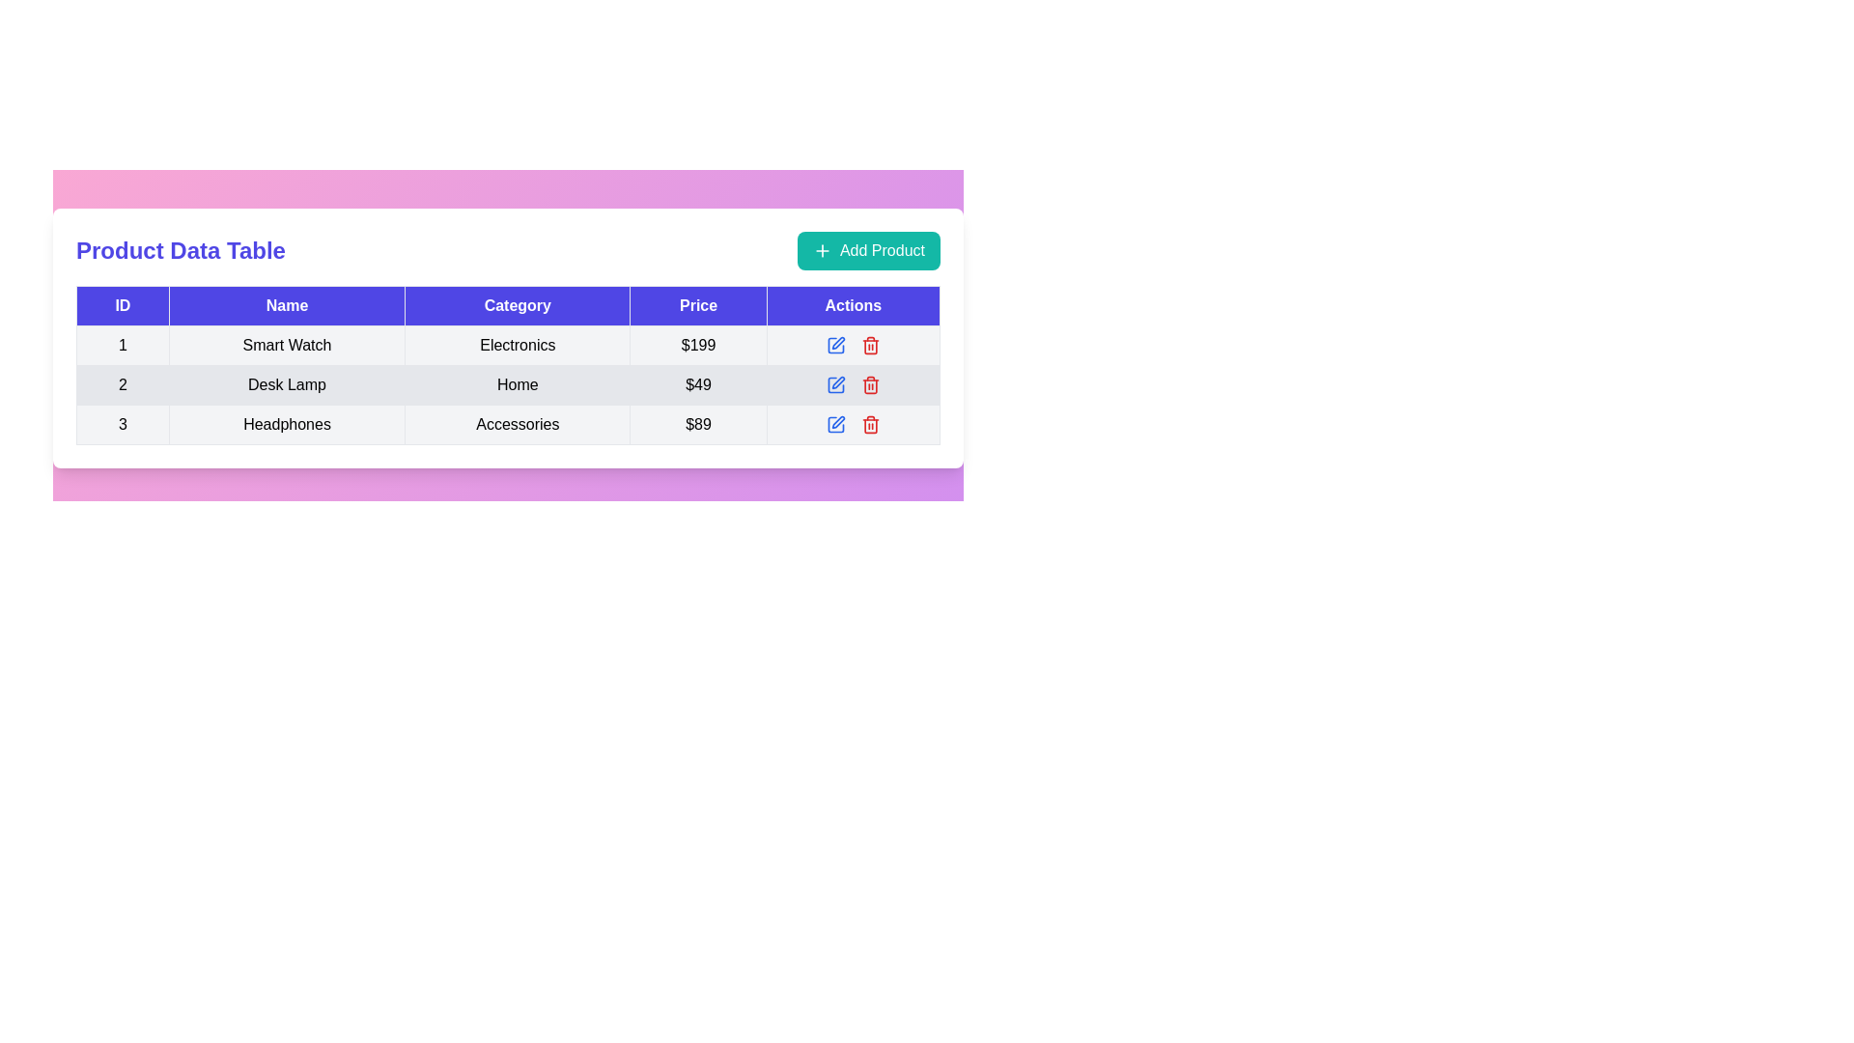 The image size is (1854, 1043). I want to click on the heading text element that represents the title of the content above the data table, located to the left of the 'Add Product' button, so click(181, 249).